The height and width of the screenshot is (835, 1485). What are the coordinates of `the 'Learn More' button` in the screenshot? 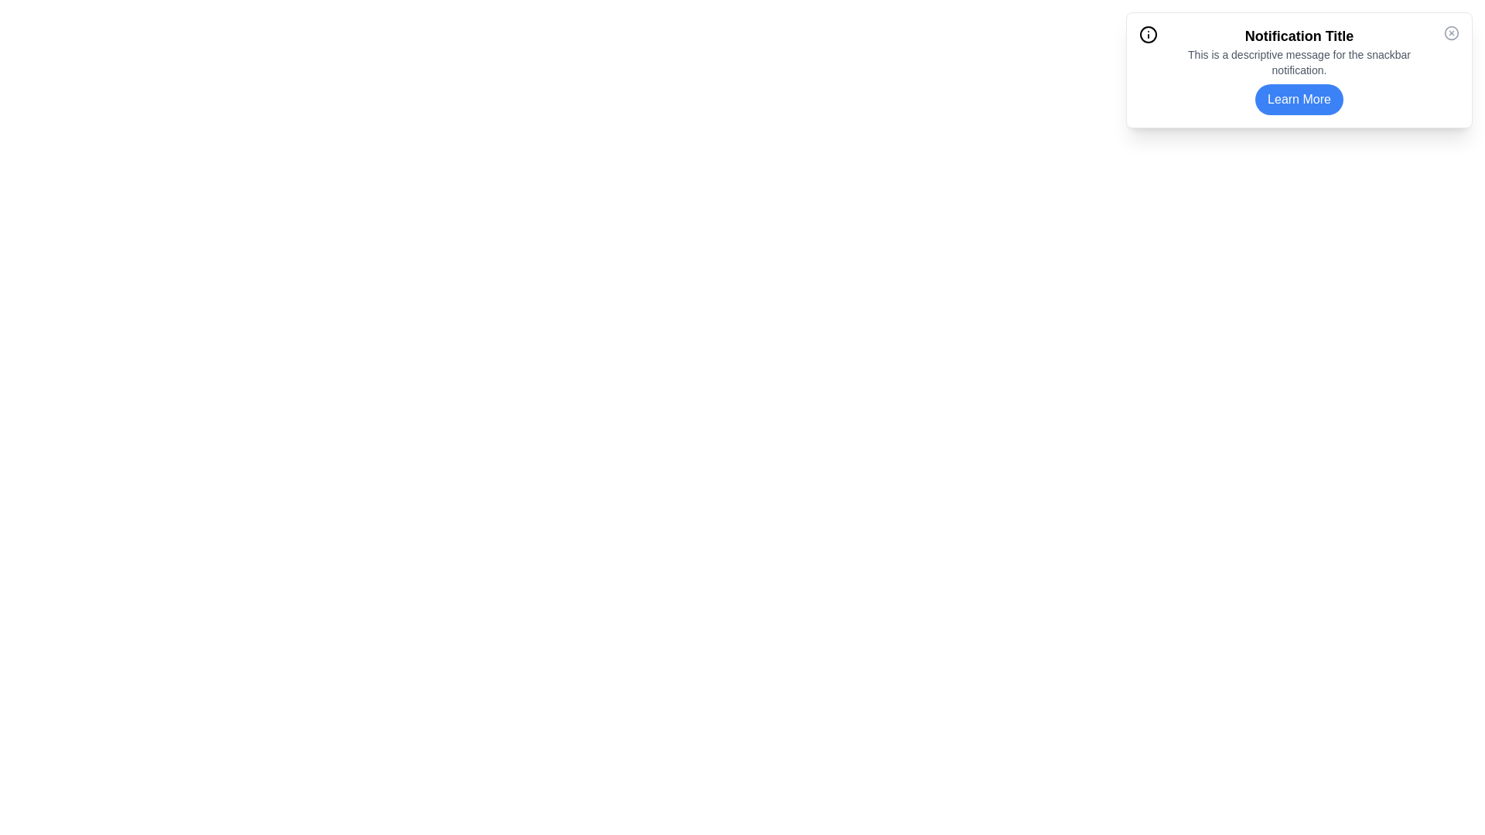 It's located at (1299, 99).